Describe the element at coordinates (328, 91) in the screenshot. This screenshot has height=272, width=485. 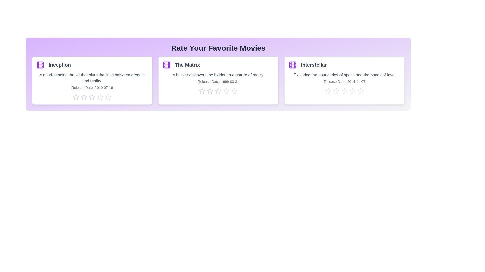
I see `the star corresponding to 1 stars for the movie Interstellar` at that location.